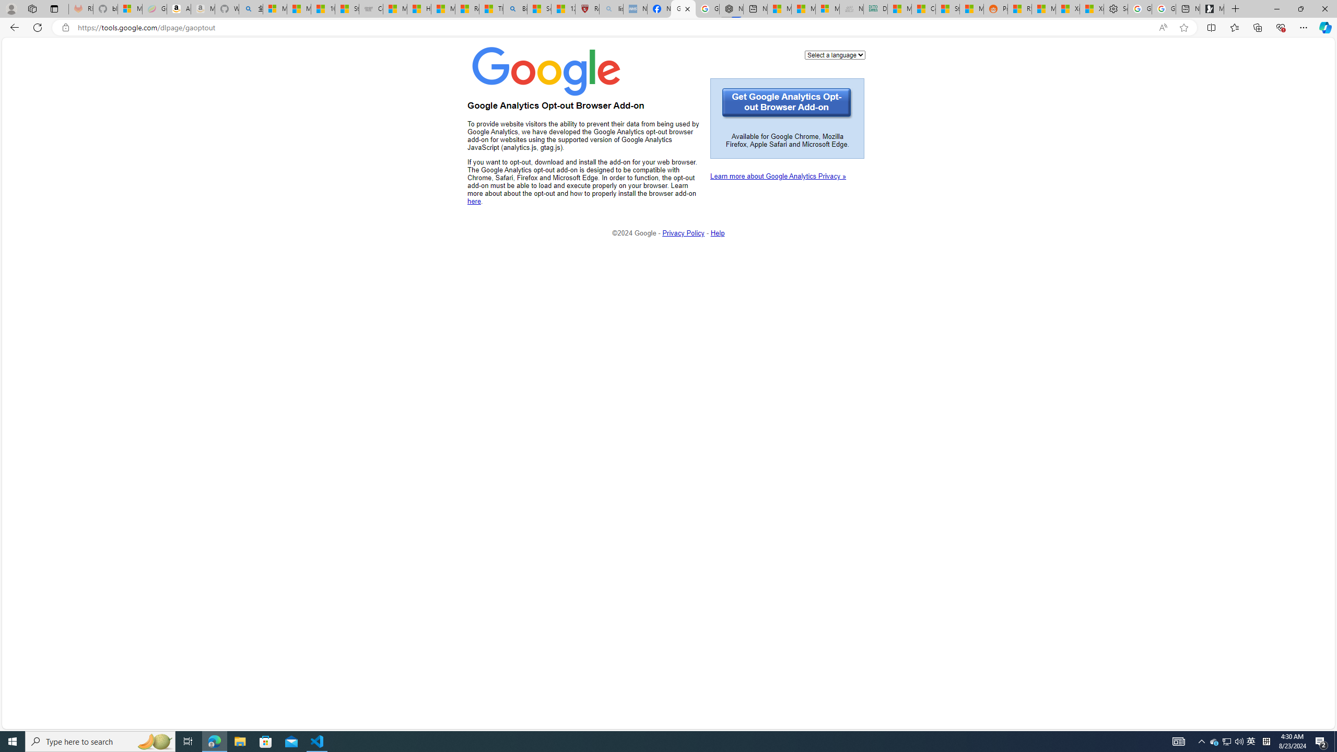 This screenshot has width=1337, height=752. What do you see at coordinates (787, 103) in the screenshot?
I see `'Get Google Analytics Opt-out Browser Add-on'` at bounding box center [787, 103].